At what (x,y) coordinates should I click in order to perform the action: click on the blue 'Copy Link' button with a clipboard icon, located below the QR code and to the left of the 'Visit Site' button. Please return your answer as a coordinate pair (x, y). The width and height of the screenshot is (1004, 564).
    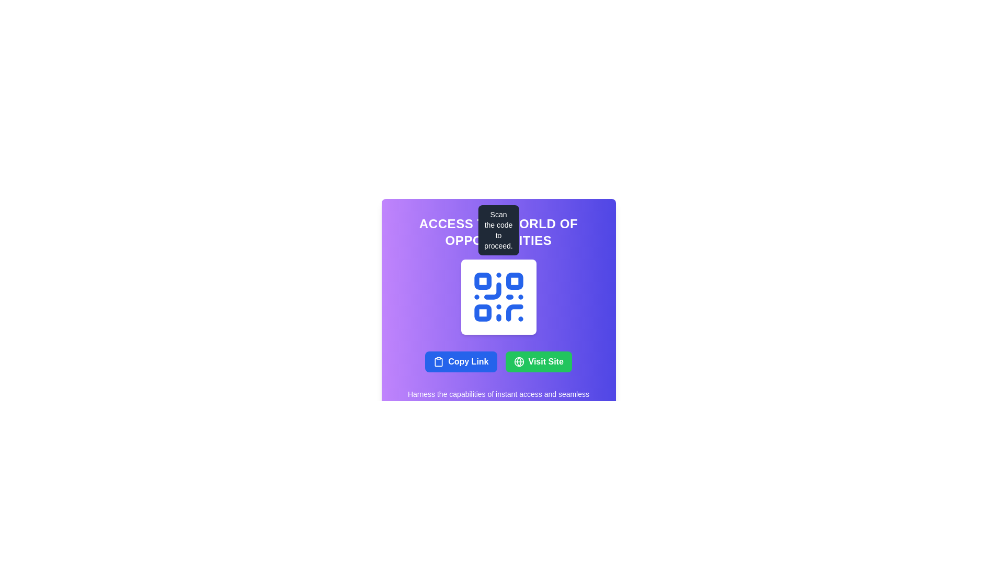
    Looking at the image, I should click on (460, 361).